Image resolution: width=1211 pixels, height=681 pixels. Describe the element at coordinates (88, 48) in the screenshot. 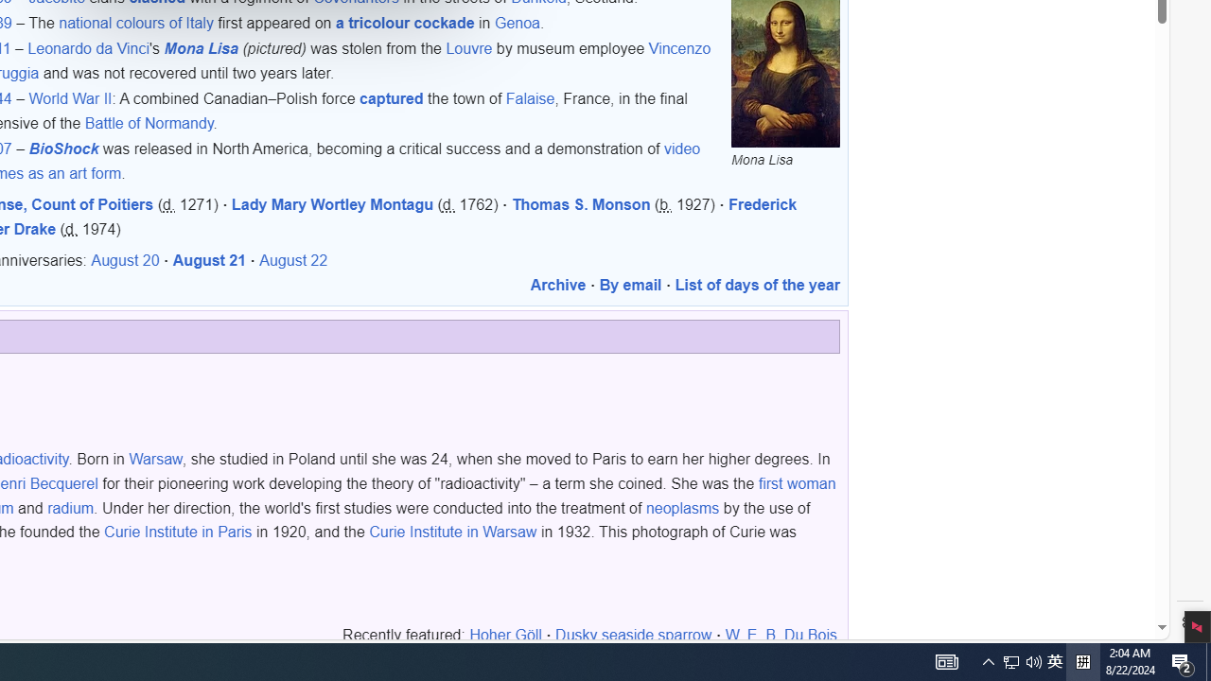

I see `'Leonardo da Vinci'` at that location.